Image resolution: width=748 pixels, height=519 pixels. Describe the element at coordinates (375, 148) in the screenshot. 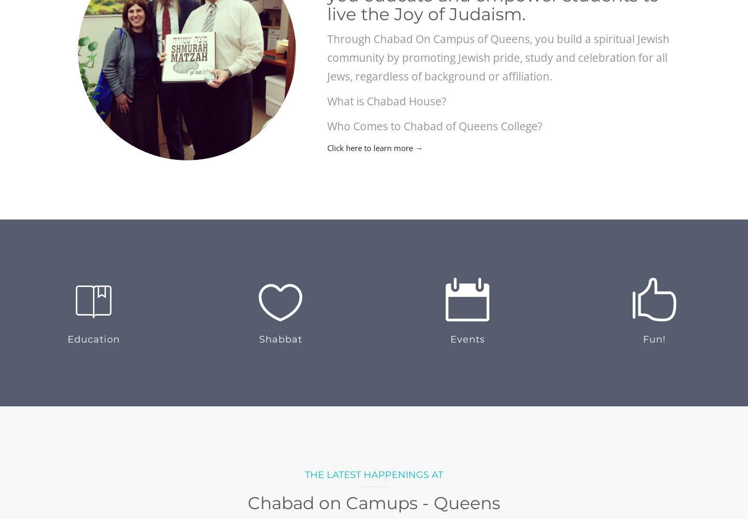

I see `'Click here to learn more →'` at that location.